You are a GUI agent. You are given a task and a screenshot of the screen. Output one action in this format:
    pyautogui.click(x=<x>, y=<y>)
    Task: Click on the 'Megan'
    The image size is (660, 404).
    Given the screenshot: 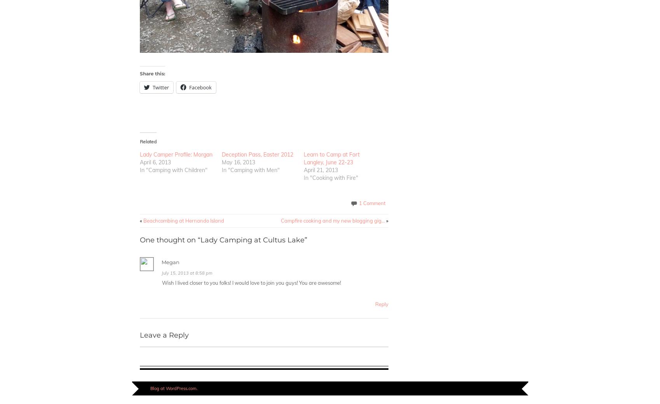 What is the action you would take?
    pyautogui.click(x=170, y=262)
    